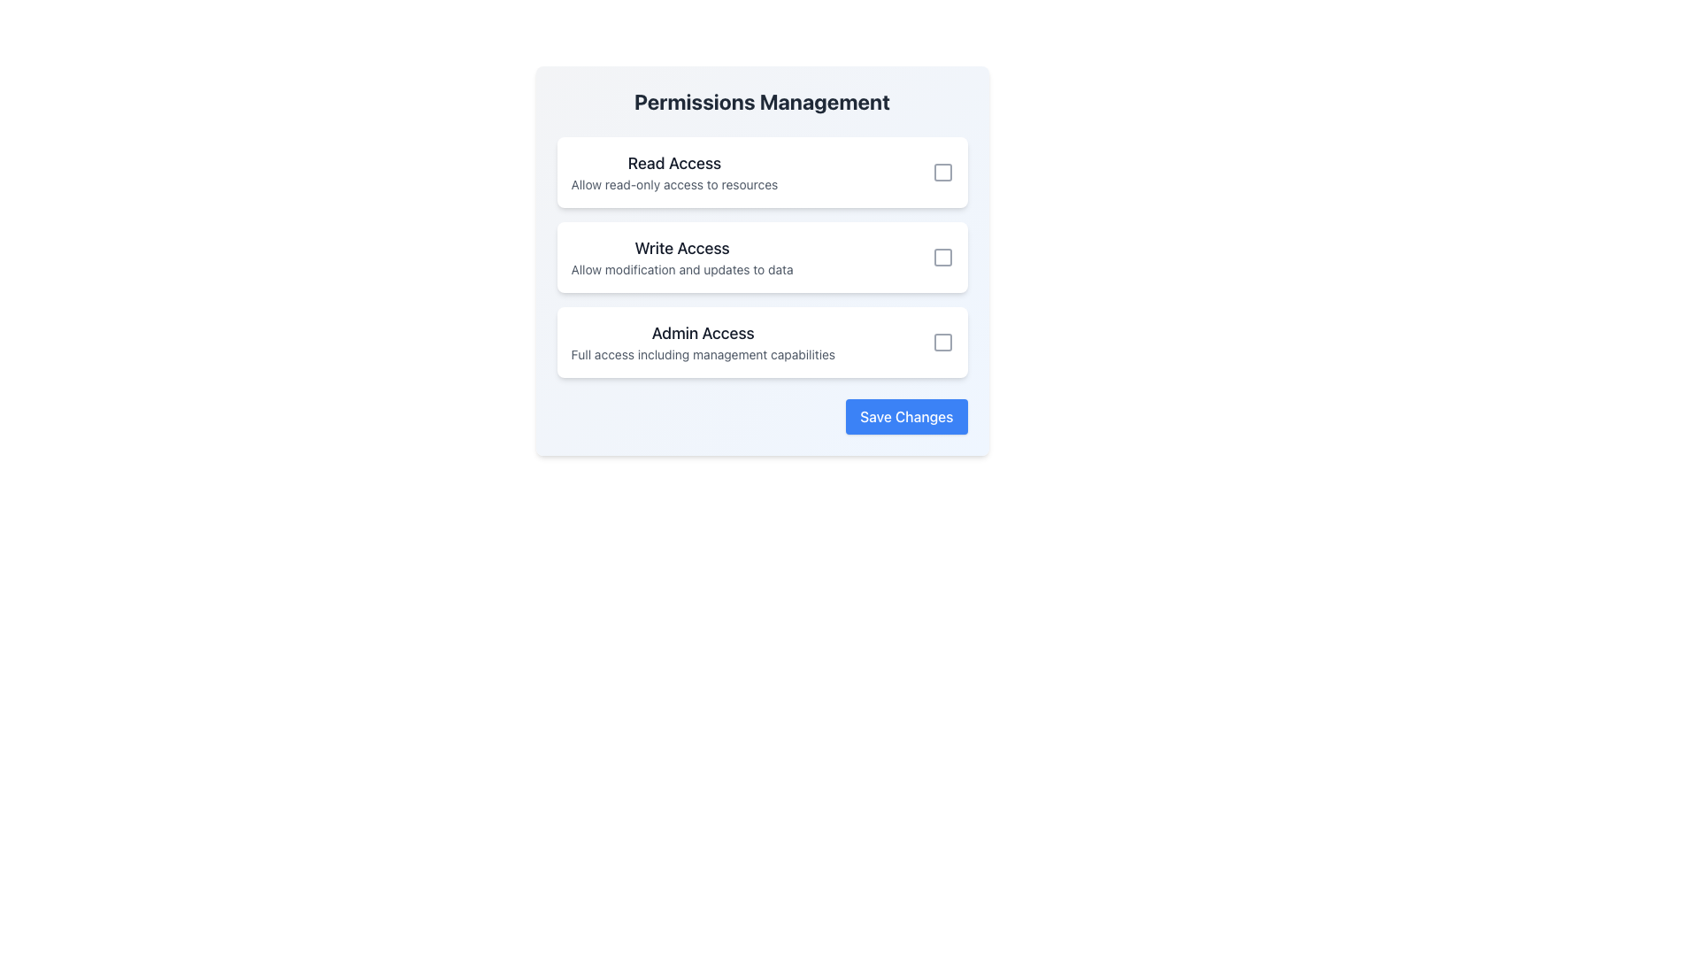 Image resolution: width=1699 pixels, height=956 pixels. I want to click on the 'Admin Access' informational card, which is the third option in the access levels group in the permissions management interface, so click(762, 342).